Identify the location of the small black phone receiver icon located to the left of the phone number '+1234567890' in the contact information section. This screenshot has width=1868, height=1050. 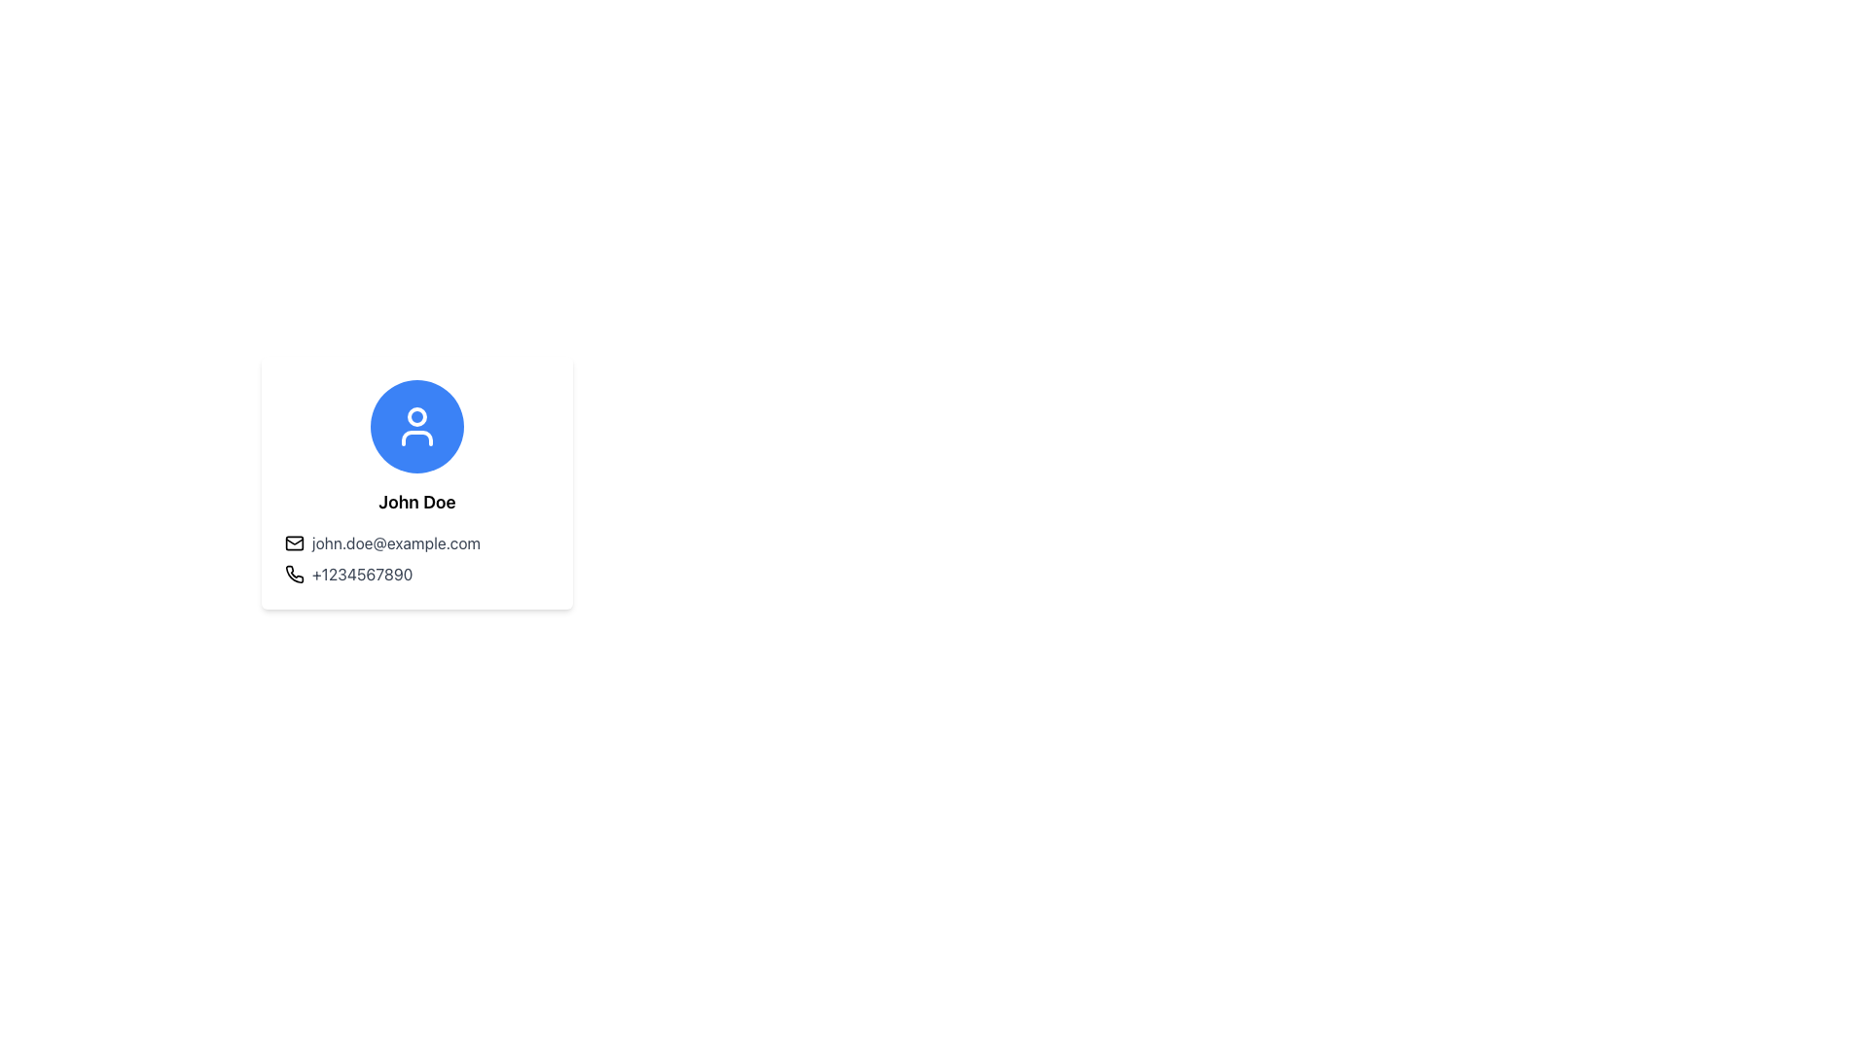
(293, 573).